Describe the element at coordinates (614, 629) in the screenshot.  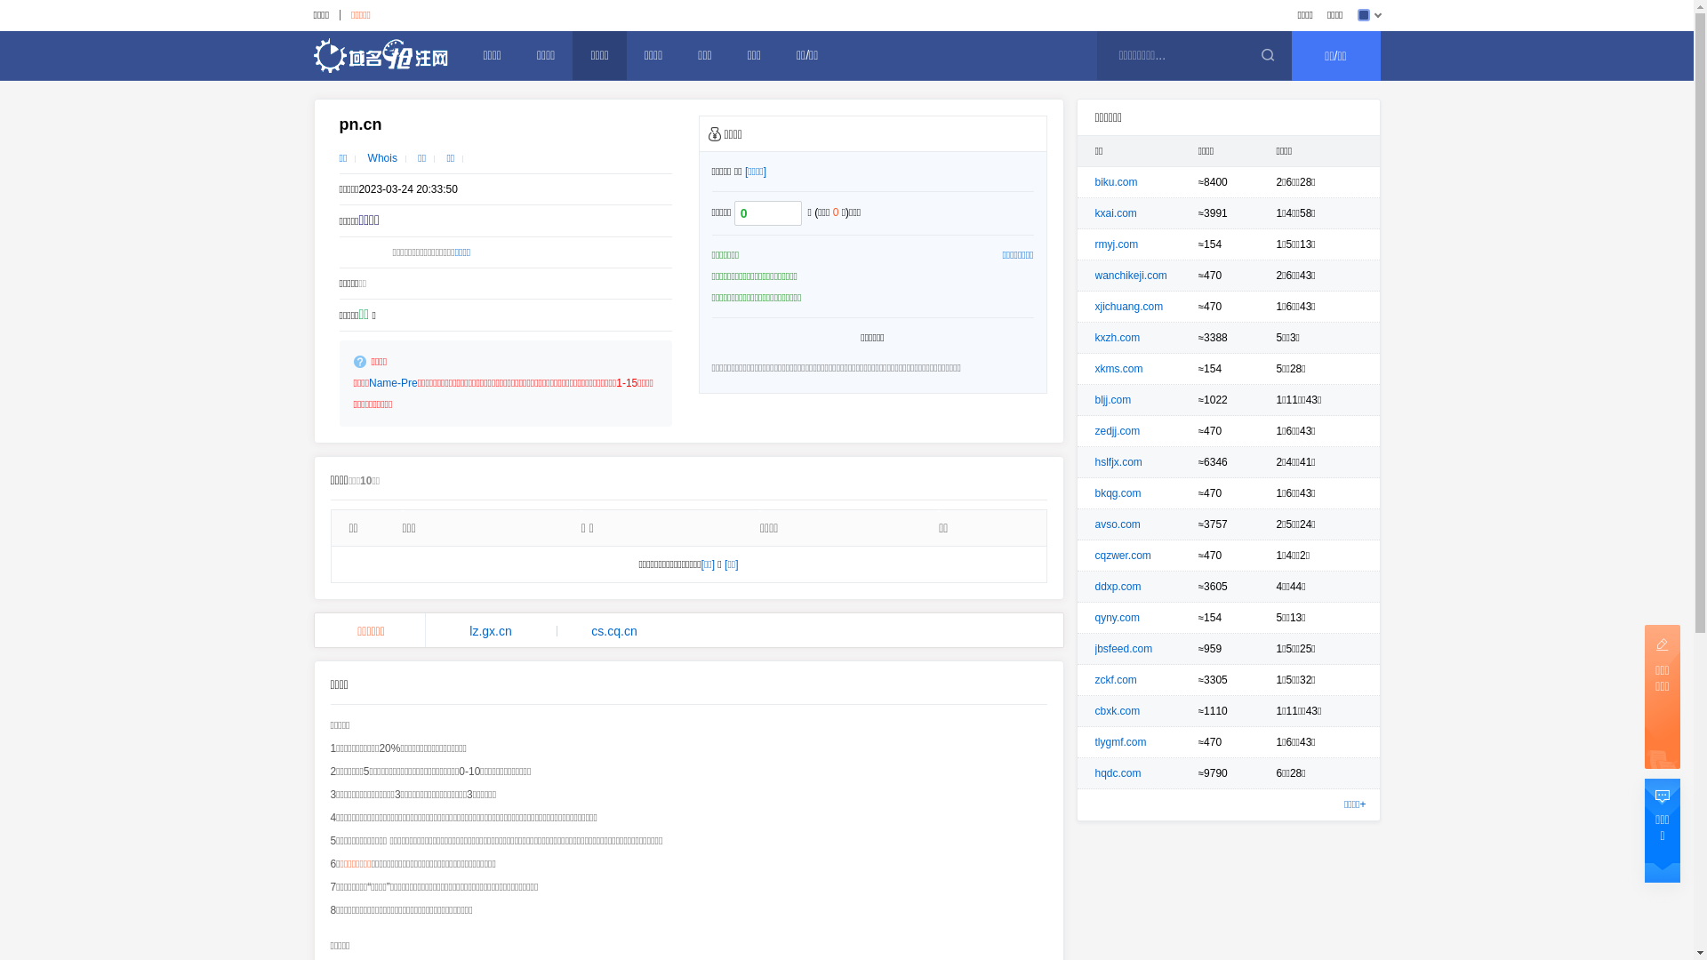
I see `'cs.cq.cn'` at that location.